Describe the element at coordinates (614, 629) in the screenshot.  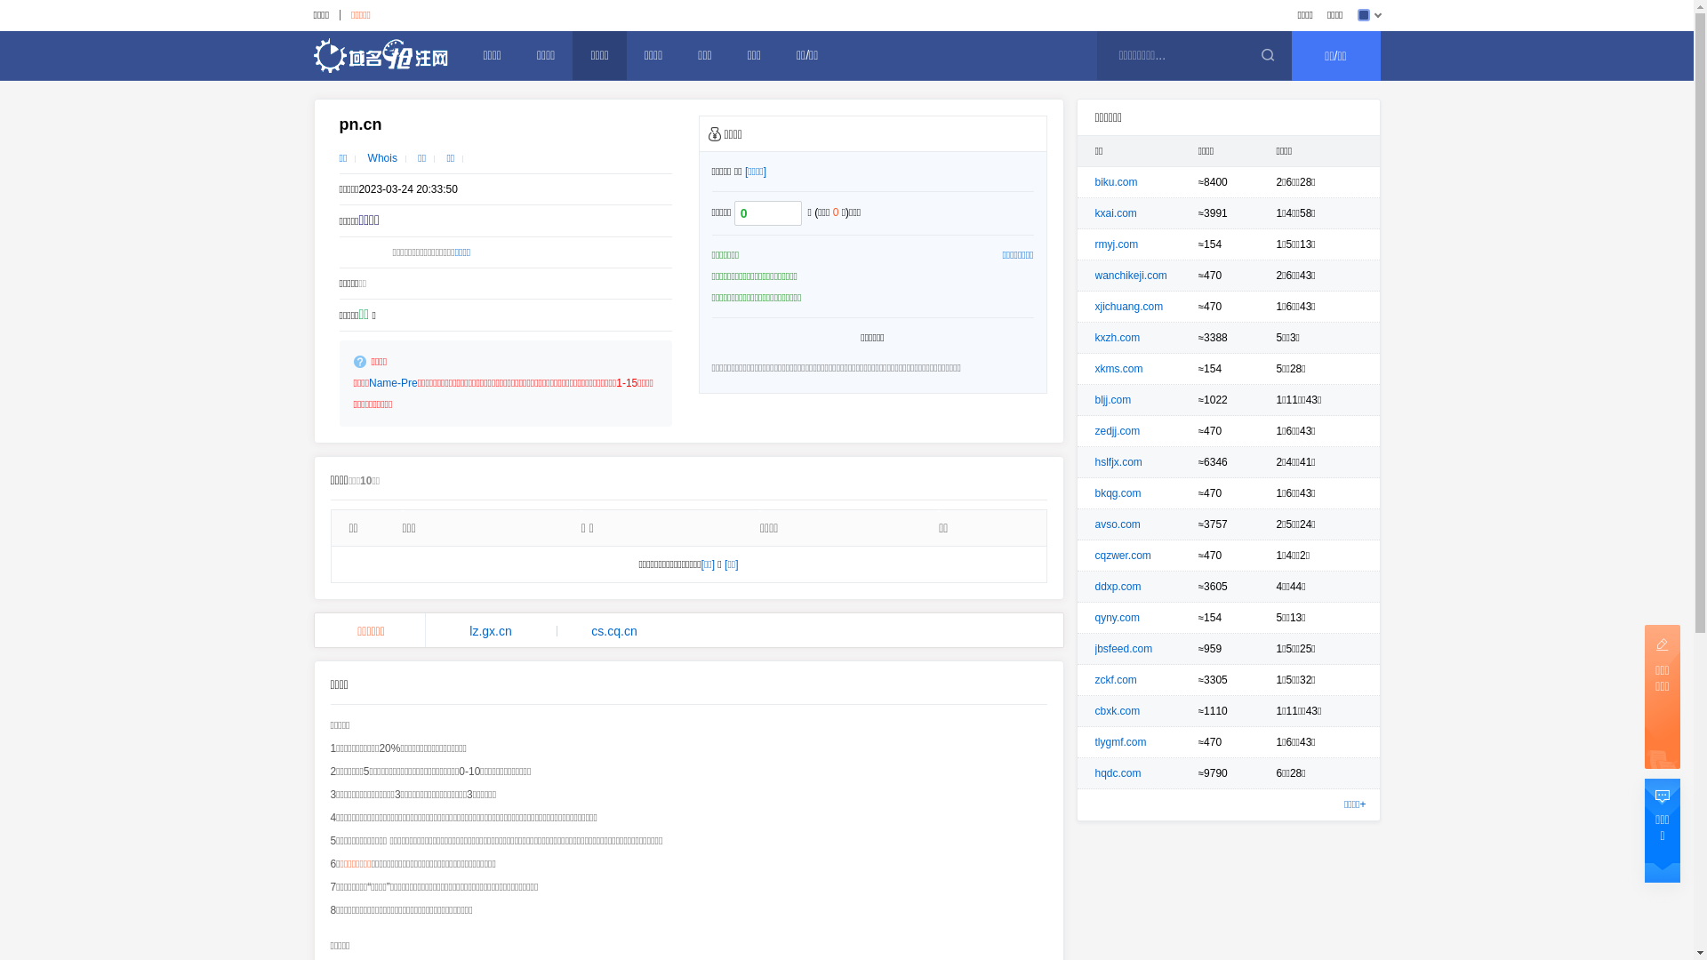
I see `'cs.cq.cn'` at that location.